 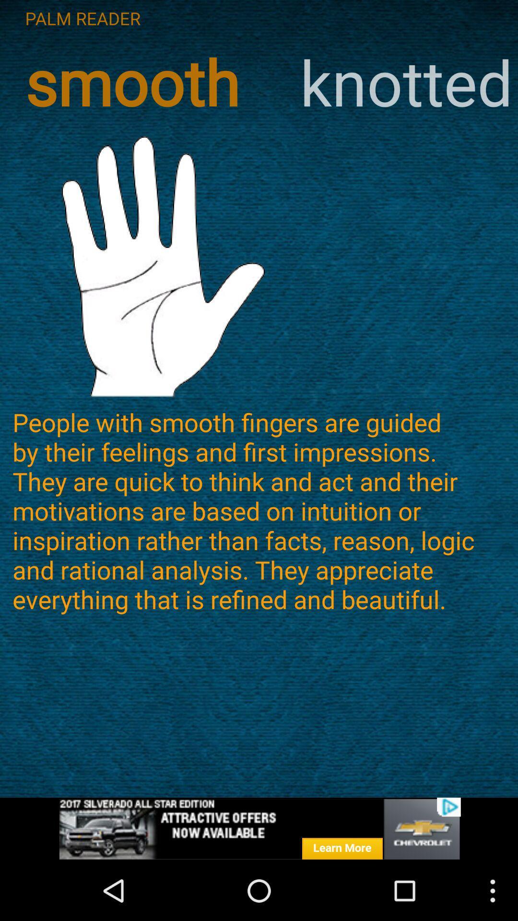 What do you see at coordinates (259, 828) in the screenshot?
I see `advertisement website` at bounding box center [259, 828].